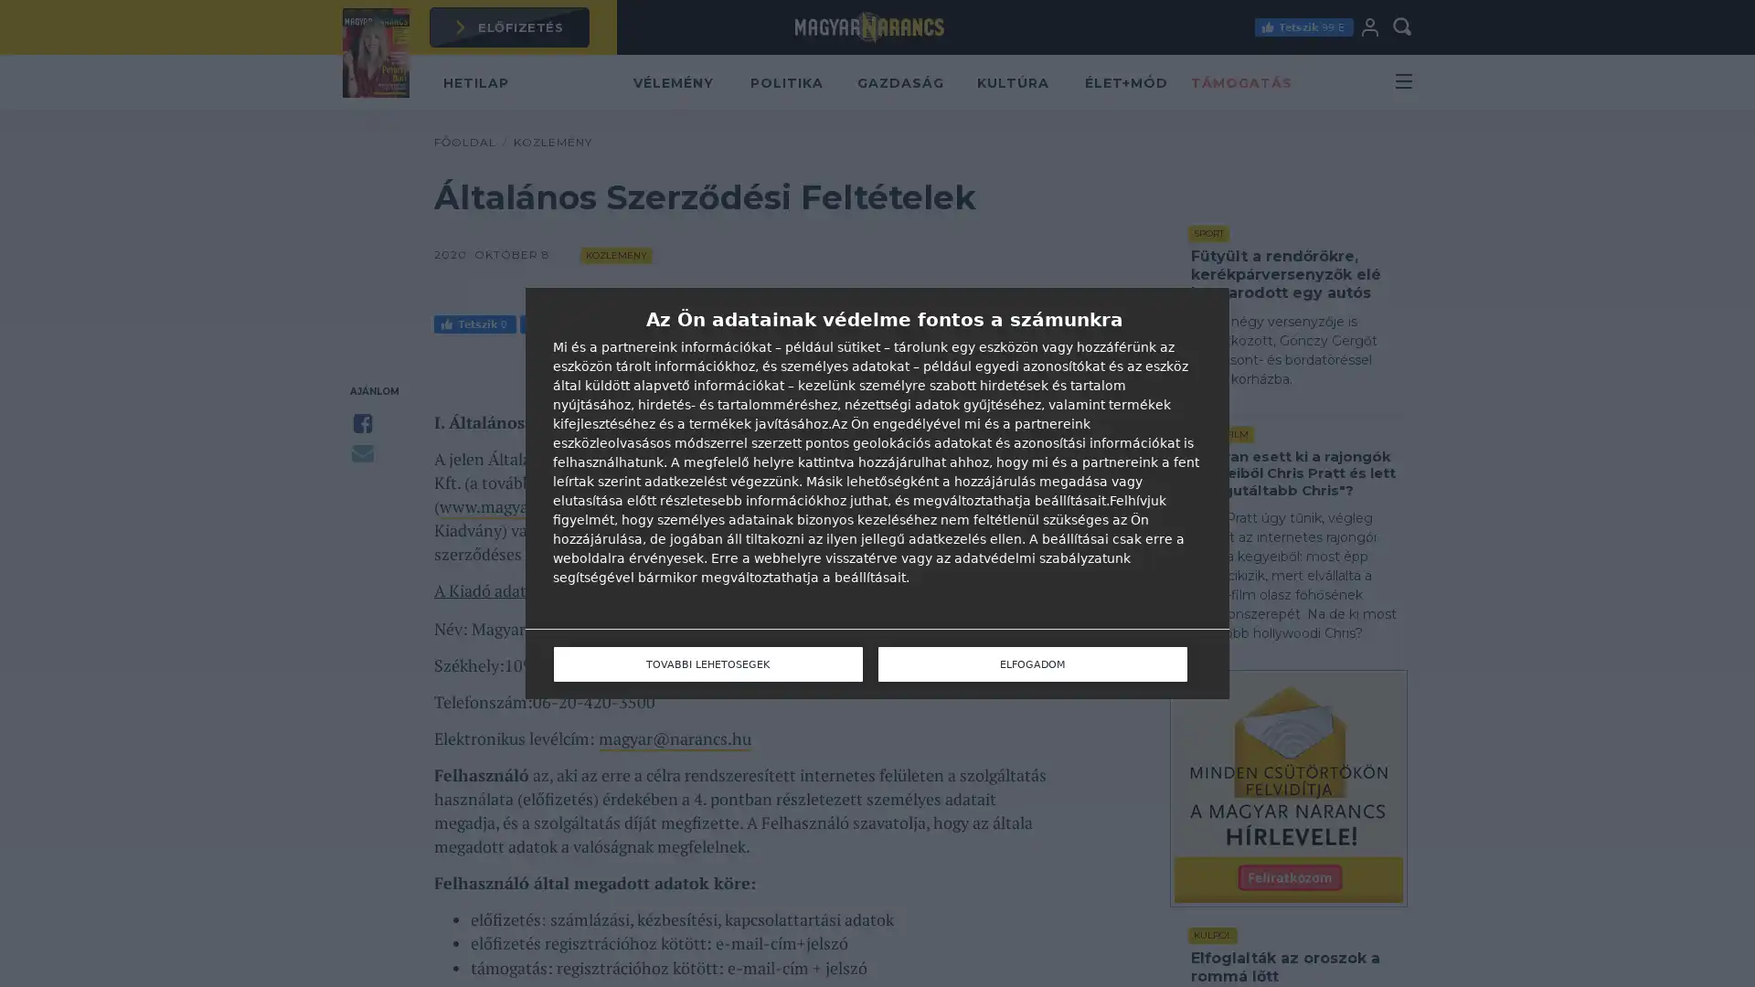  I want to click on TOVABBI LEHETOSEGEK, so click(707, 663).